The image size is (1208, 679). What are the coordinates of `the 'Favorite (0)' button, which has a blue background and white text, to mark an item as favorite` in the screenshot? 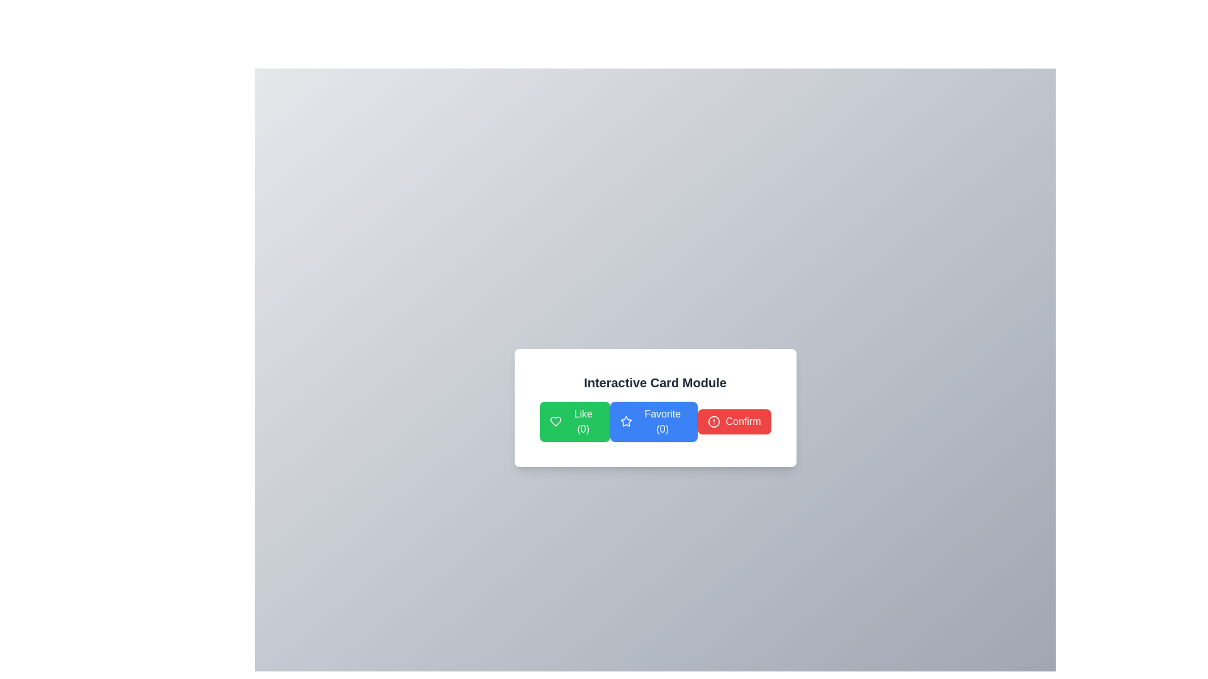 It's located at (654, 407).